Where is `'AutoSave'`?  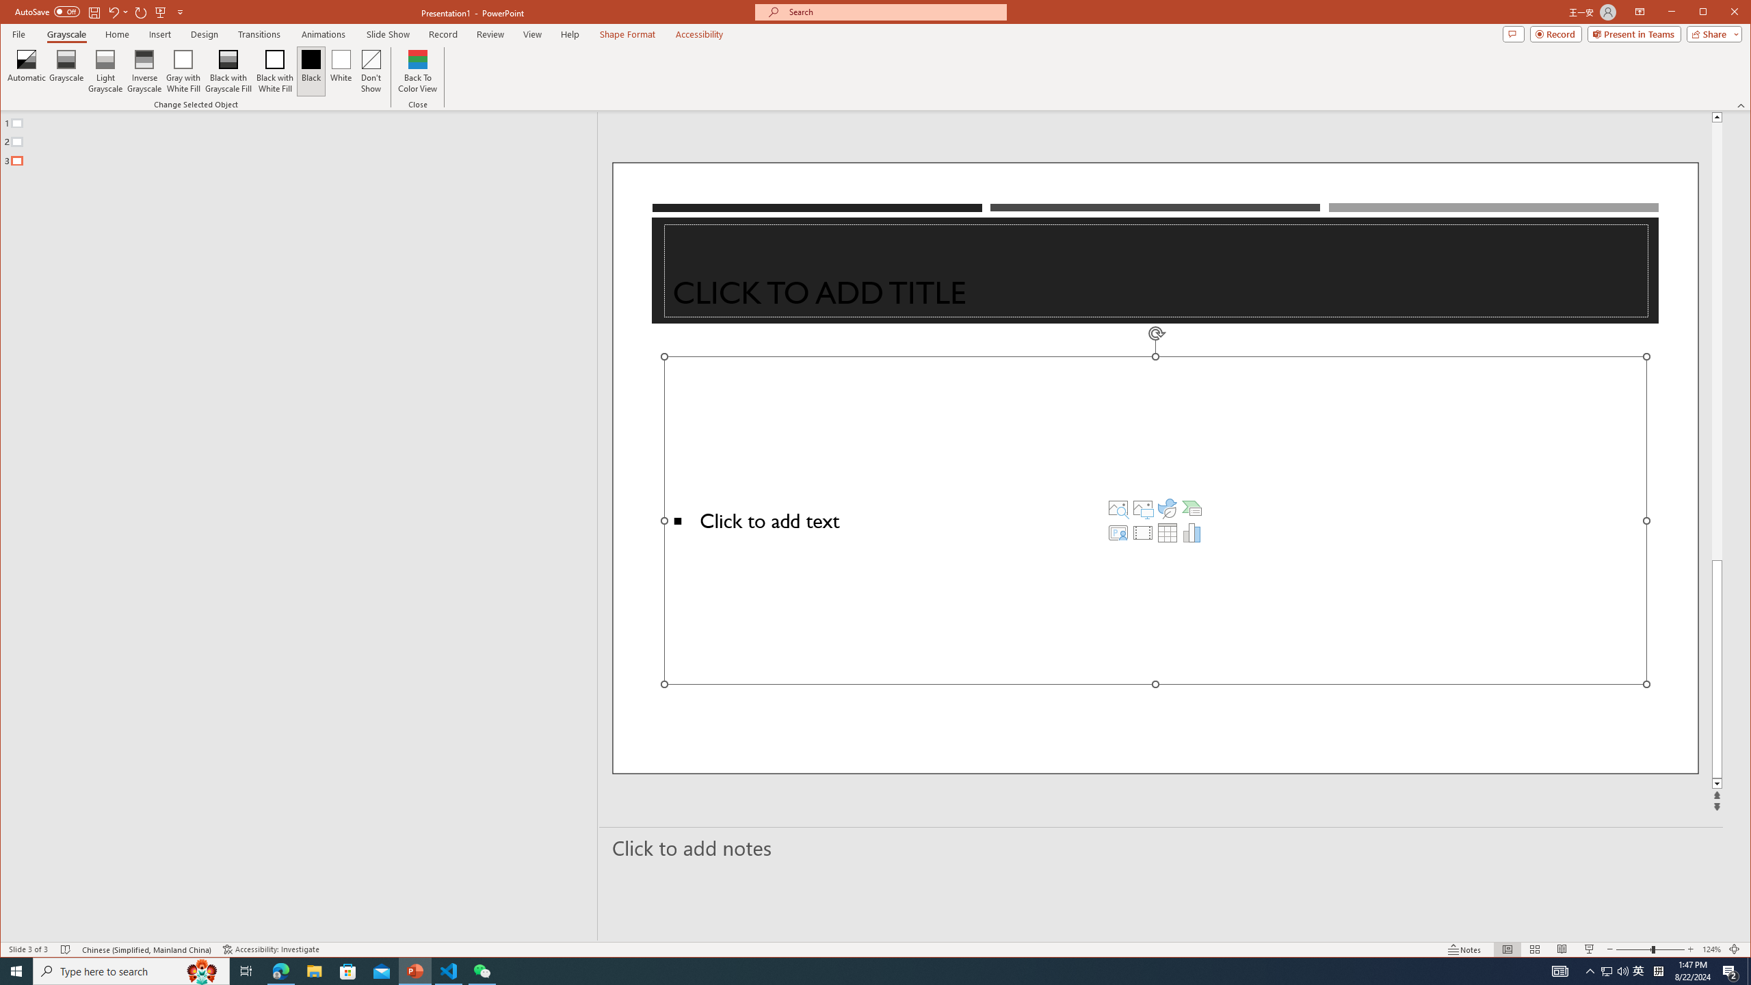
'AutoSave' is located at coordinates (47, 11).